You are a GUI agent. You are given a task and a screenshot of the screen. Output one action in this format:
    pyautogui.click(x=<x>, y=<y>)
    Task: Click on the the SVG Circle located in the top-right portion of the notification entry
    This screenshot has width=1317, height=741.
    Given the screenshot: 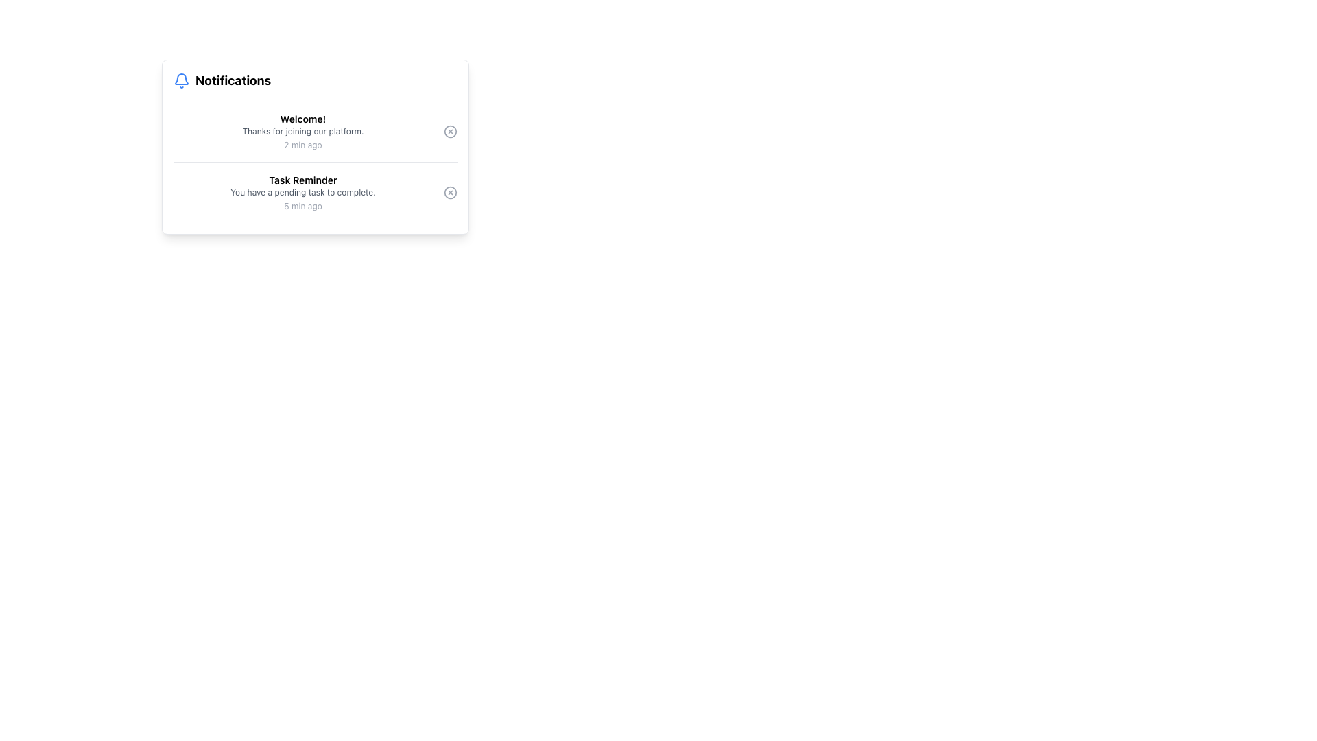 What is the action you would take?
    pyautogui.click(x=451, y=132)
    